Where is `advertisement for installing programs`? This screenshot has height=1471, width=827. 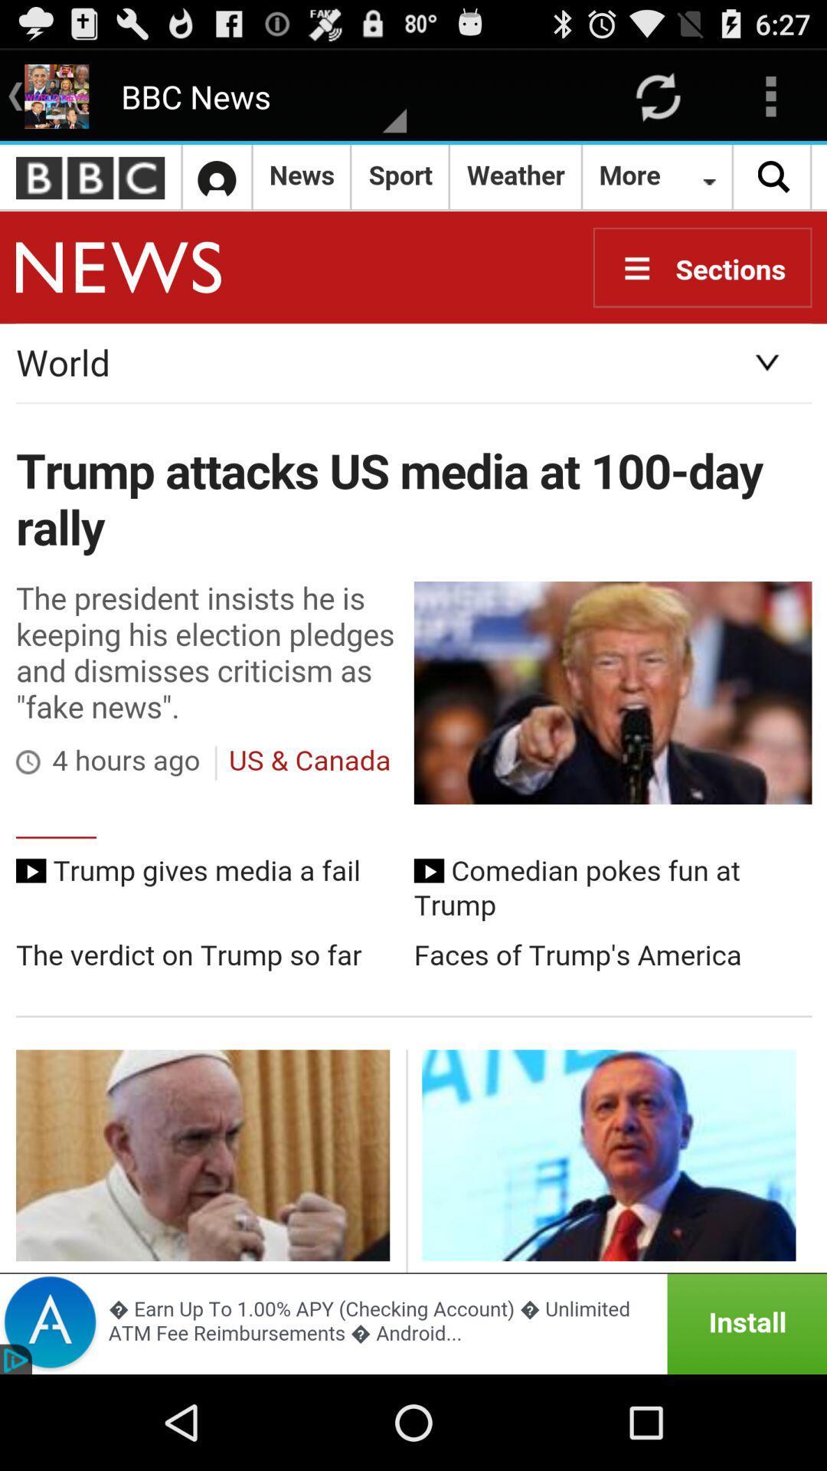 advertisement for installing programs is located at coordinates (413, 1323).